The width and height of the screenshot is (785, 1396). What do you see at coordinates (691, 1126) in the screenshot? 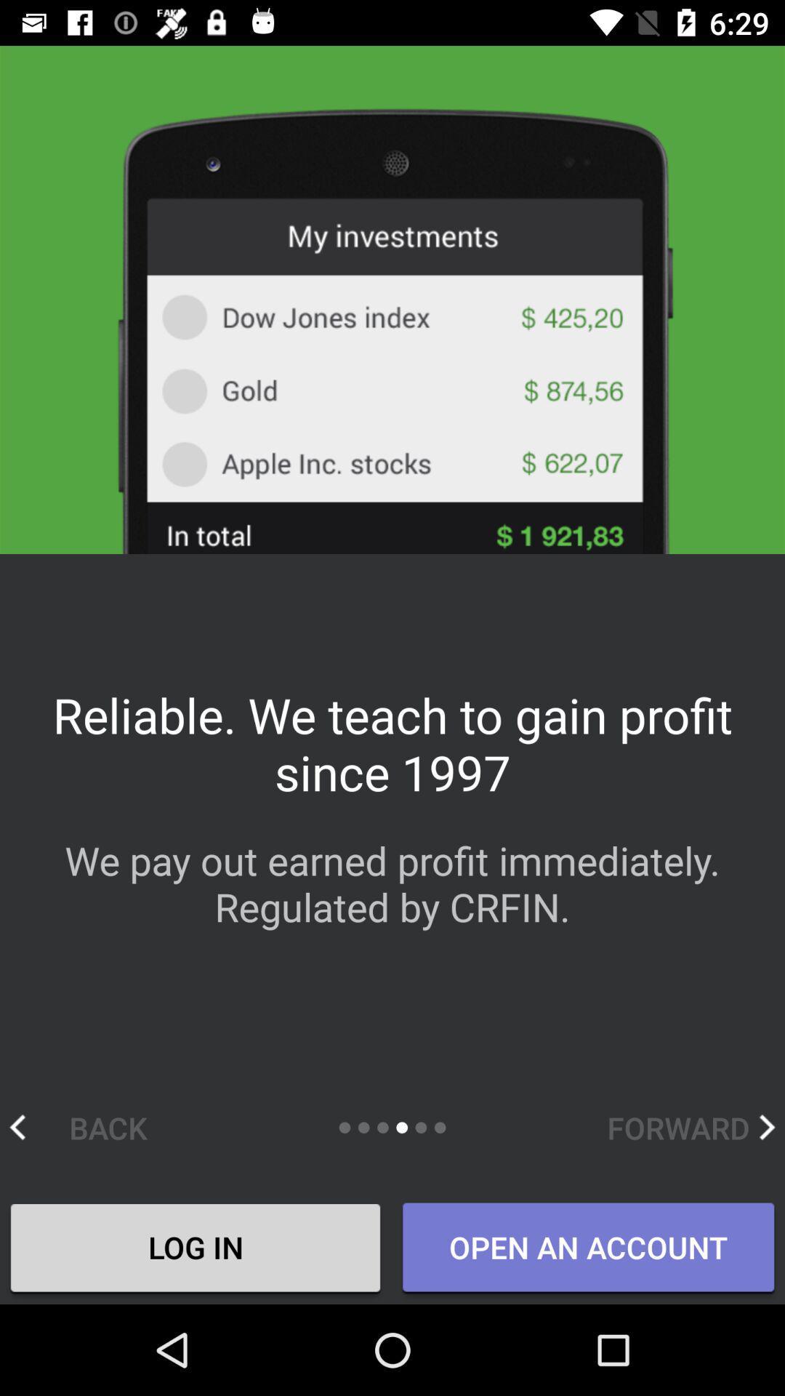
I see `the forward item` at bounding box center [691, 1126].